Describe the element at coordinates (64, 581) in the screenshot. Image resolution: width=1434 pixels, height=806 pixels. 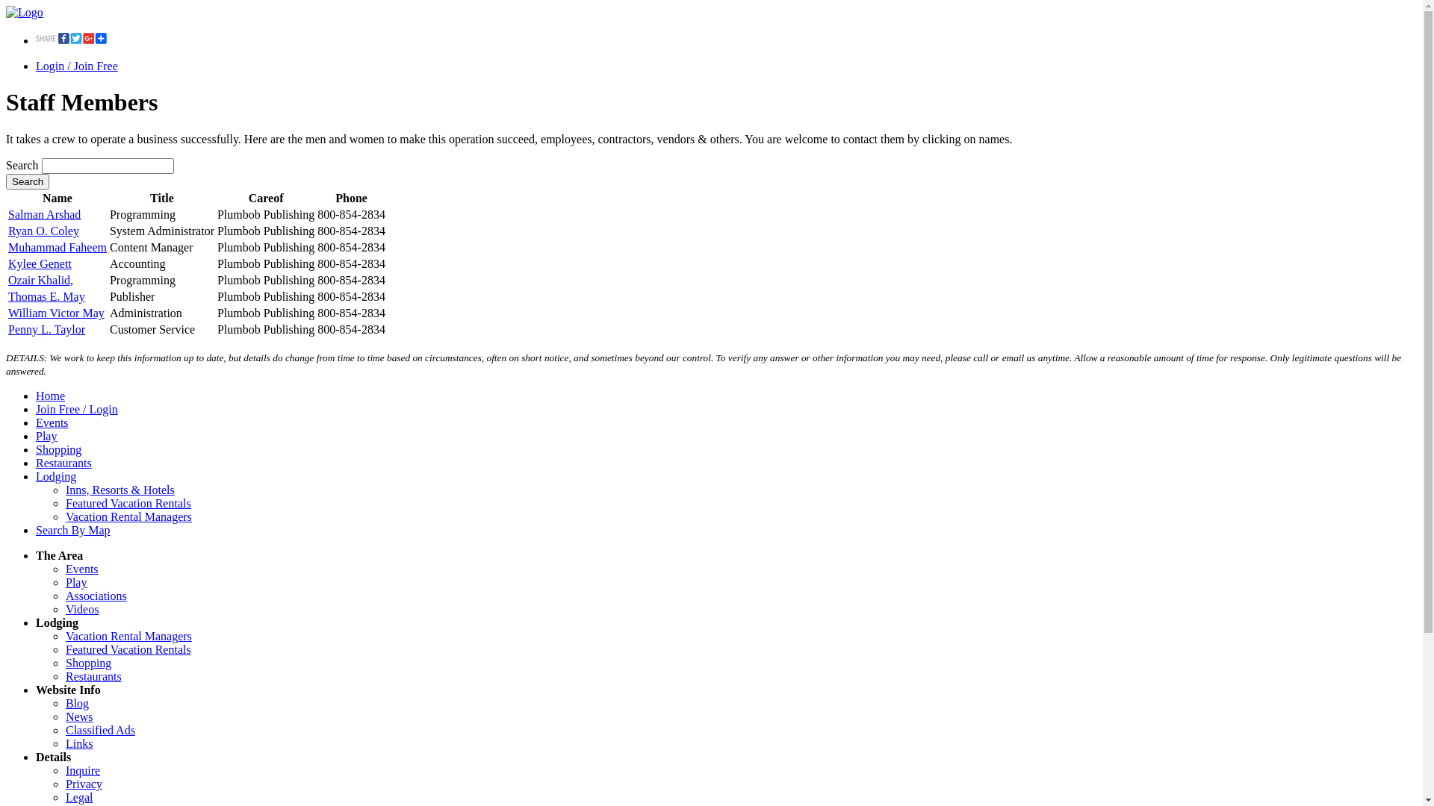
I see `'Play'` at that location.